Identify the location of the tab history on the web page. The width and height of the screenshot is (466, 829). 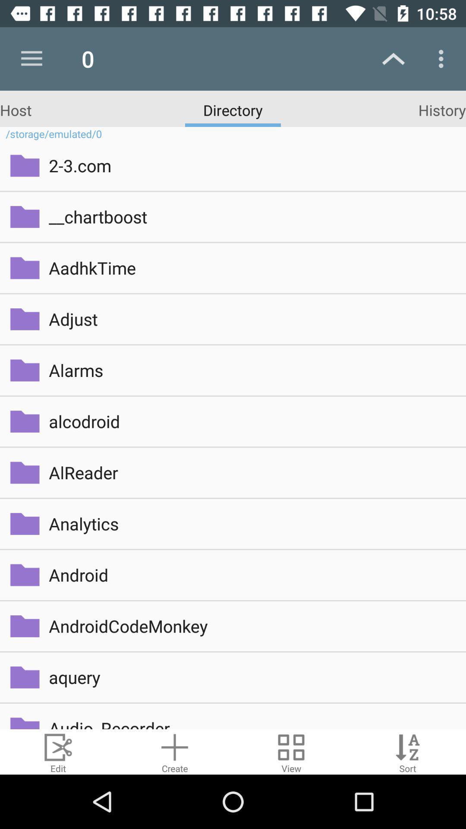
(442, 109).